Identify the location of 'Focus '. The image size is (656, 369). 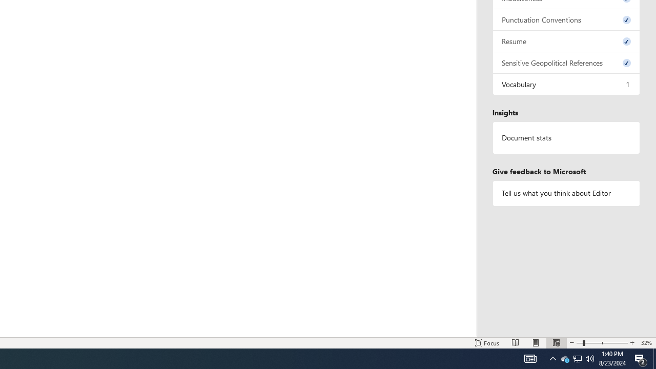
(487, 343).